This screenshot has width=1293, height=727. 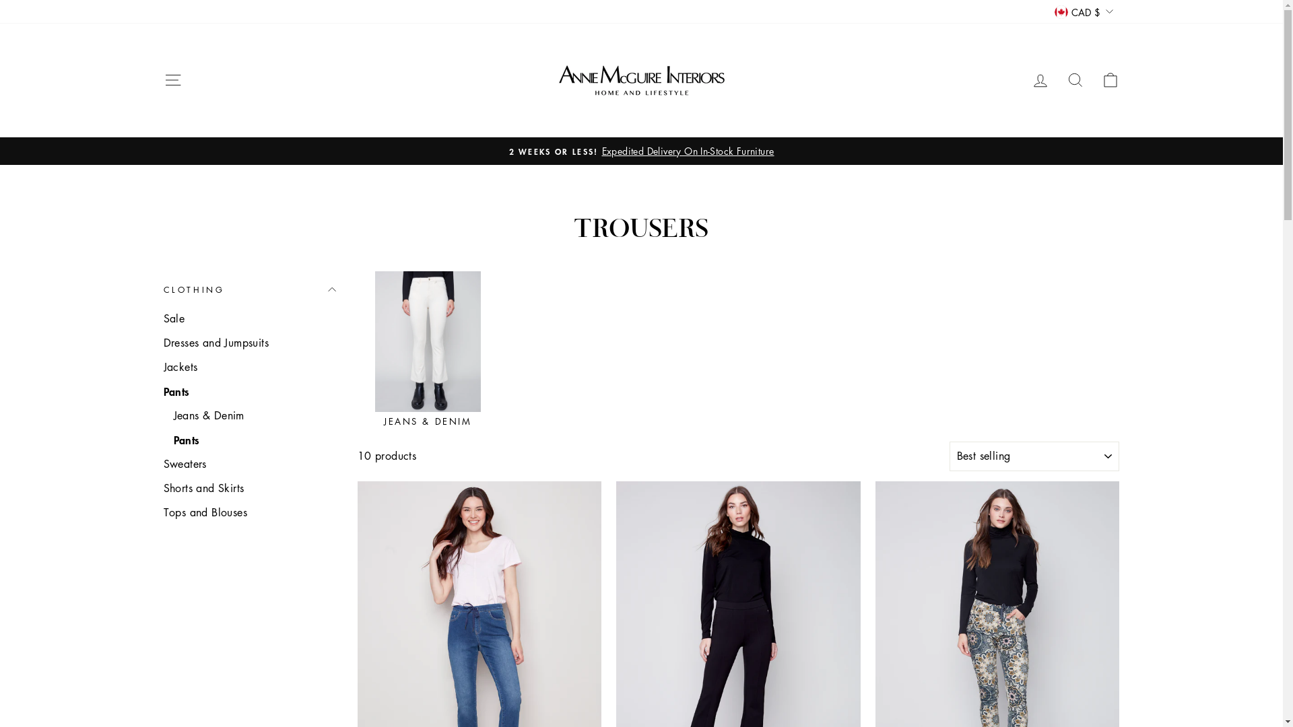 What do you see at coordinates (248, 463) in the screenshot?
I see `'Sweaters'` at bounding box center [248, 463].